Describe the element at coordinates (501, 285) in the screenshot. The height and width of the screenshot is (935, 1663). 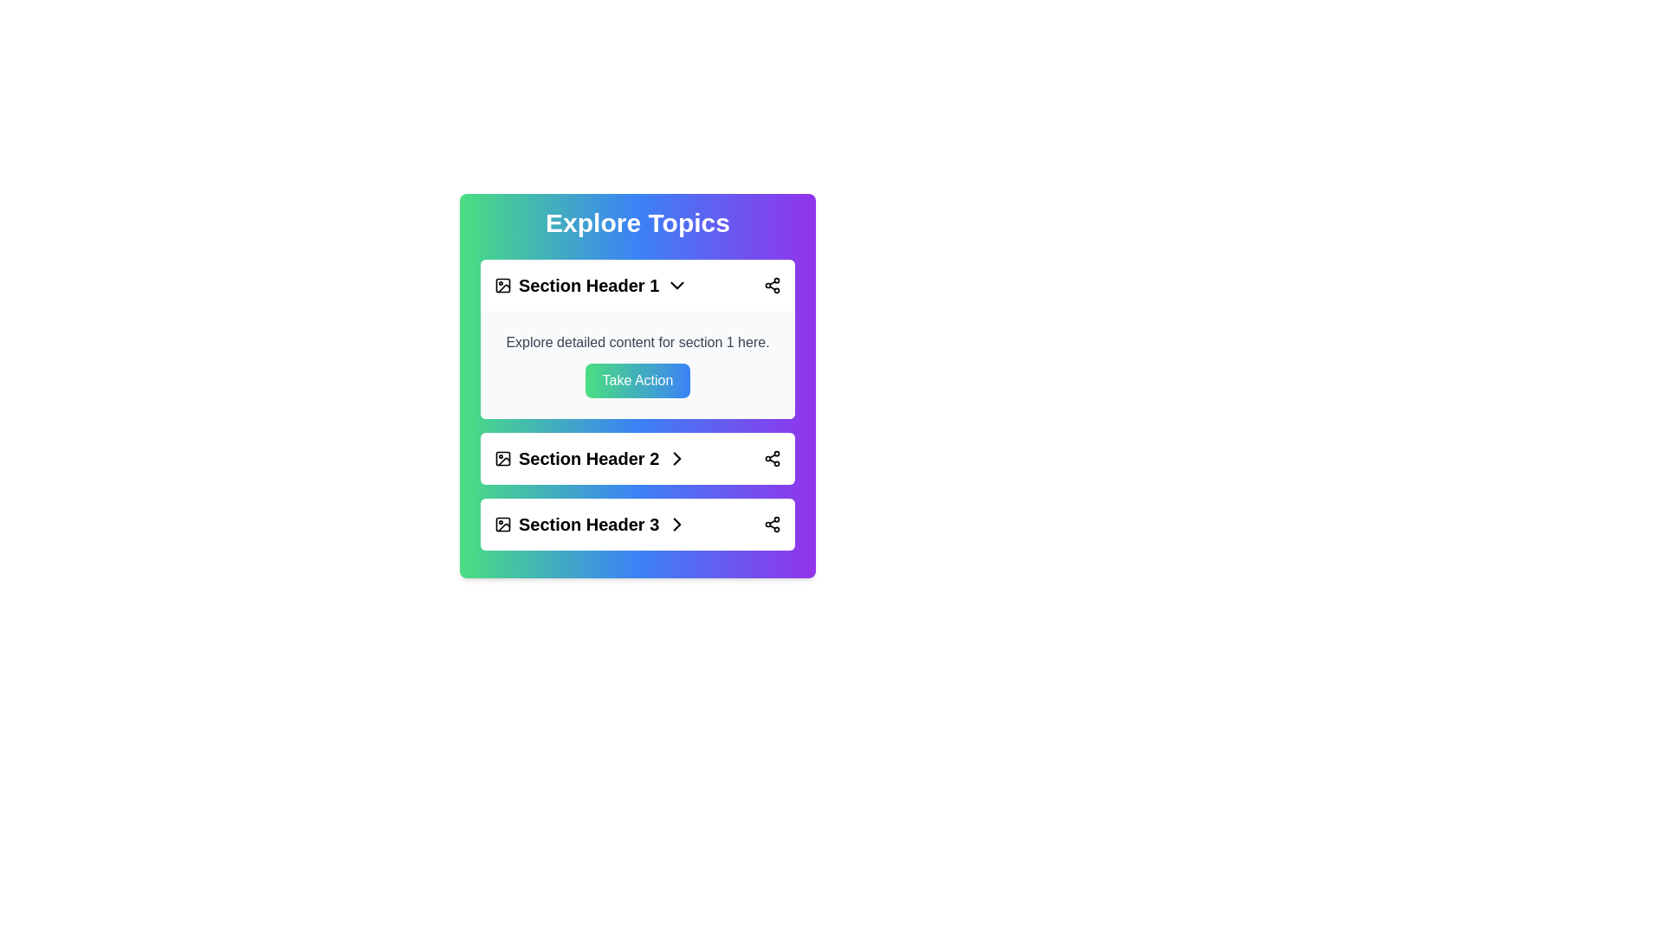
I see `the icon representing an image, which is styled with a square border and a circle, located next to the text 'Section Header 1'` at that location.